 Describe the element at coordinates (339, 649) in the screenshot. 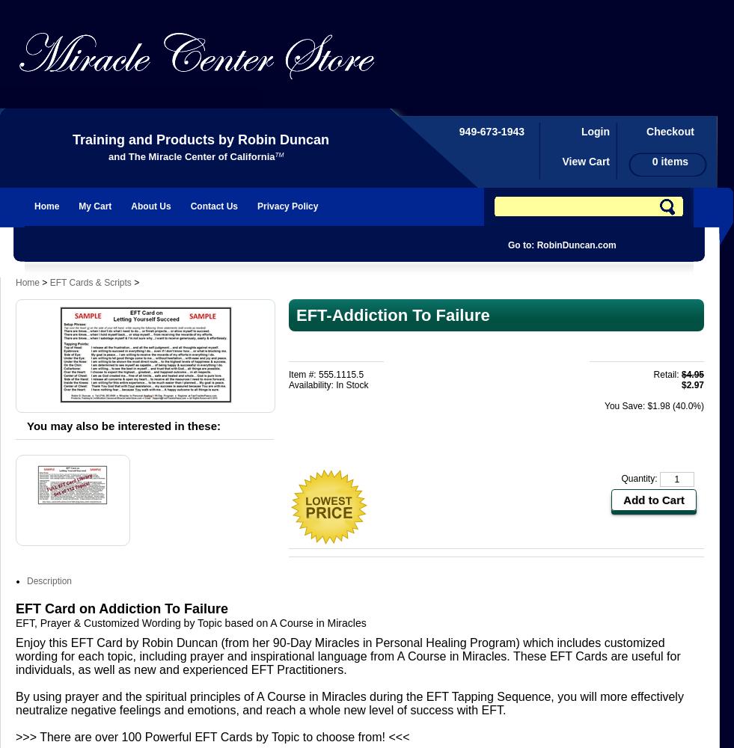

I see `'customized wording for each topic, including prayer and inspirational'` at that location.